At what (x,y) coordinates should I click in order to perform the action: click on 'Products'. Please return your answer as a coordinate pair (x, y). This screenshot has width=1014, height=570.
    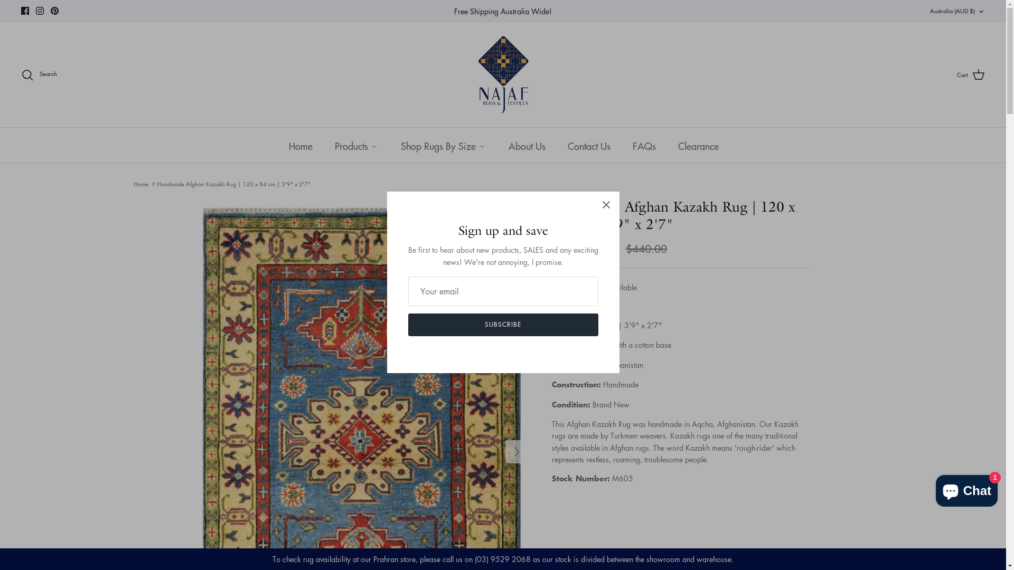
    Looking at the image, I should click on (356, 145).